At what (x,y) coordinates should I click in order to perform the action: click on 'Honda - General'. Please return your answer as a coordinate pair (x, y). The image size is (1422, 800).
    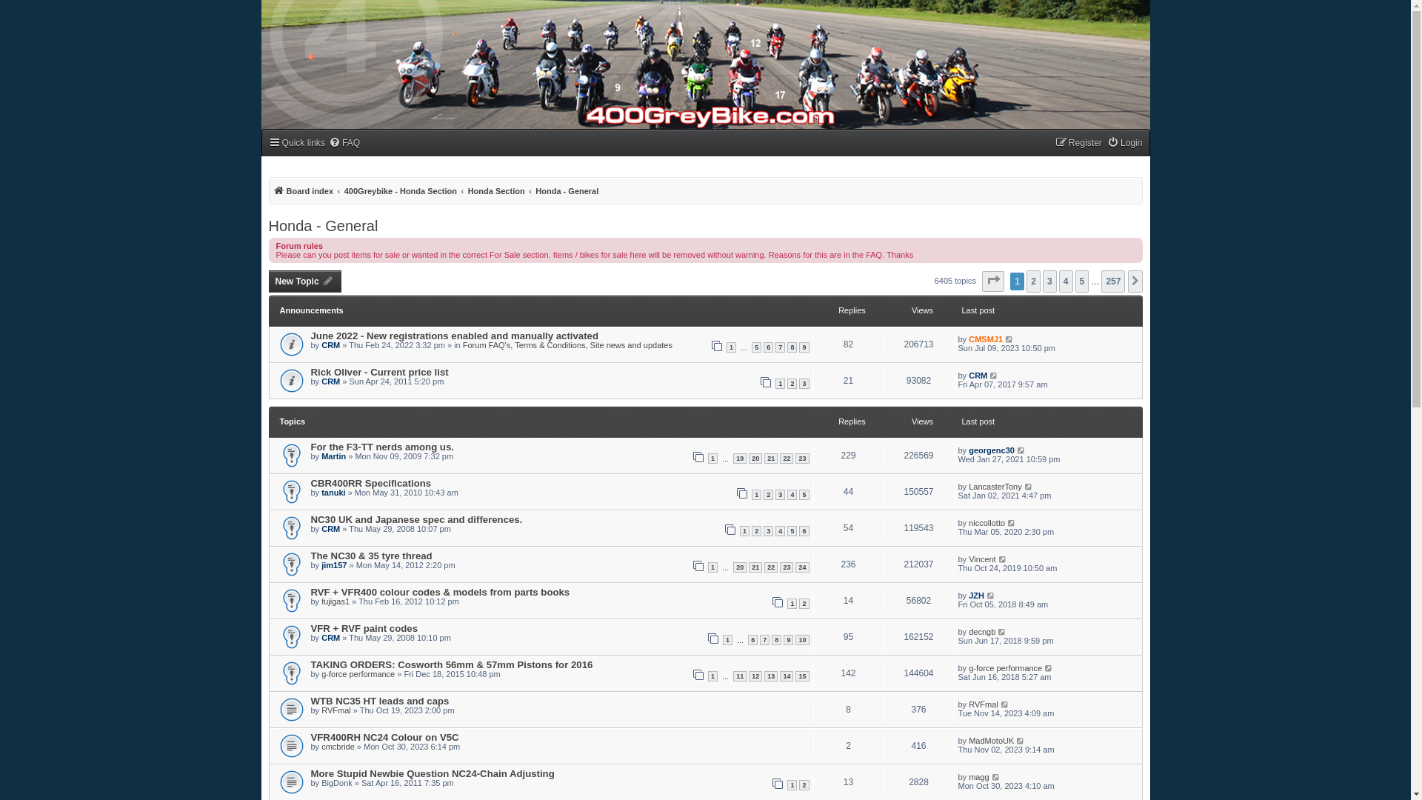
    Looking at the image, I should click on (535, 190).